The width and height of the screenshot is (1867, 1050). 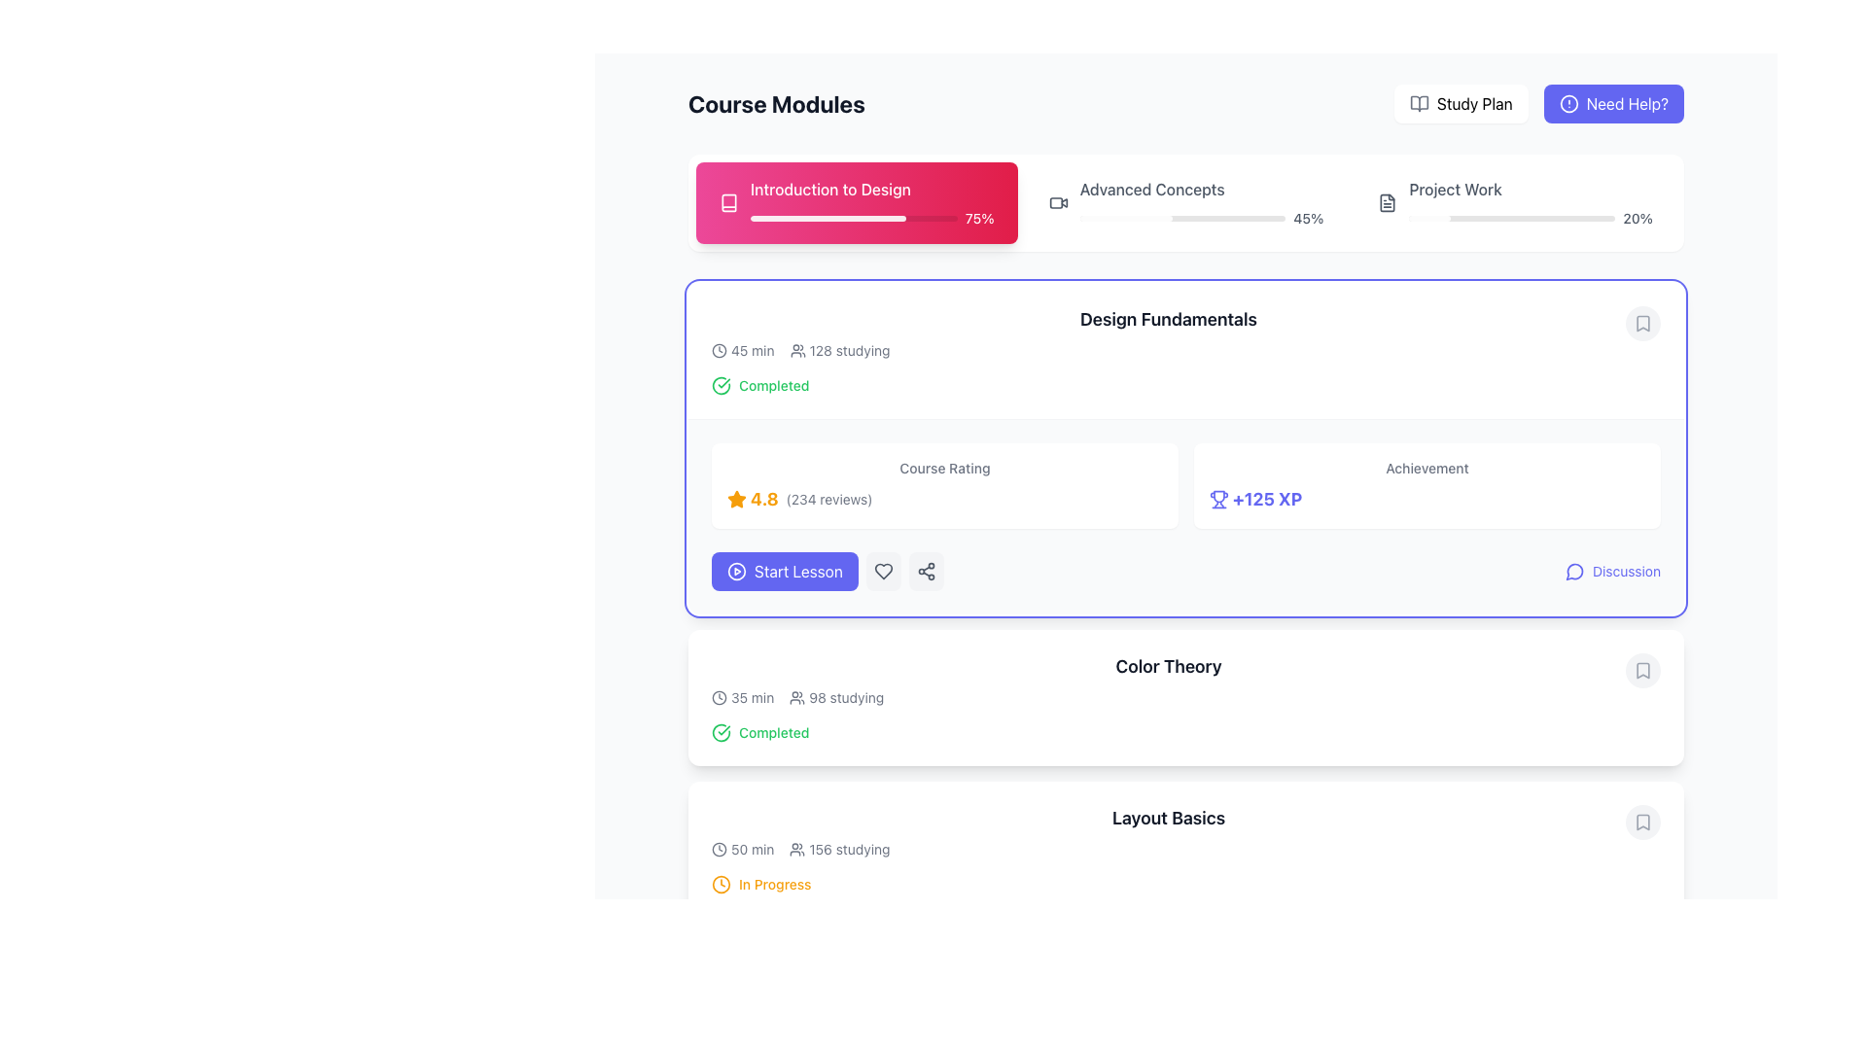 What do you see at coordinates (1613, 104) in the screenshot?
I see `the help button located at the top-right of the interface, adjacent to the 'Study Plan' button` at bounding box center [1613, 104].